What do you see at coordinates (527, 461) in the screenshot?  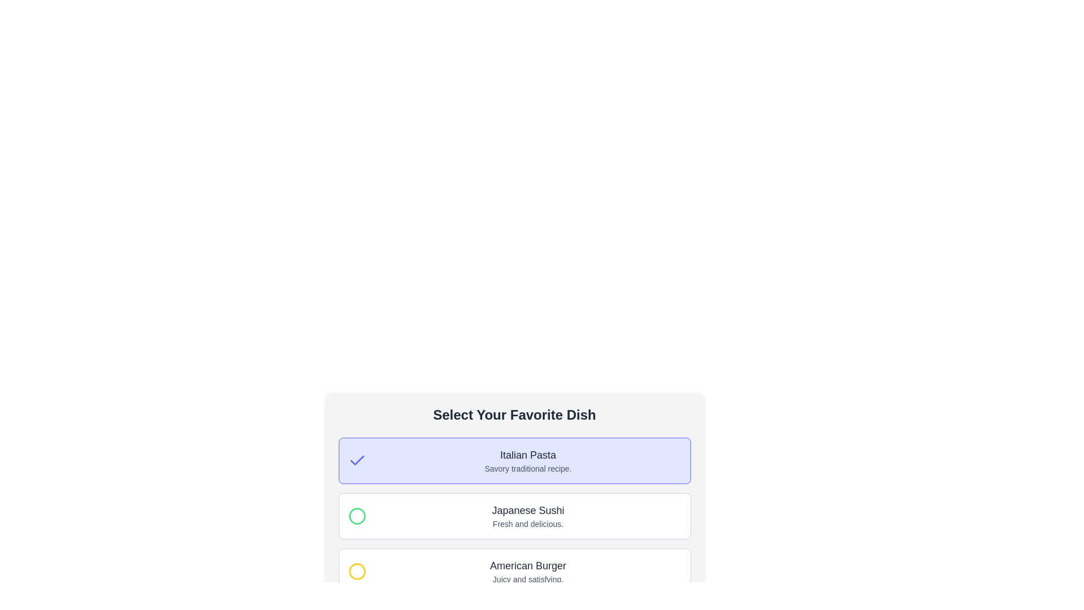 I see `the first selectable dish option text element` at bounding box center [527, 461].